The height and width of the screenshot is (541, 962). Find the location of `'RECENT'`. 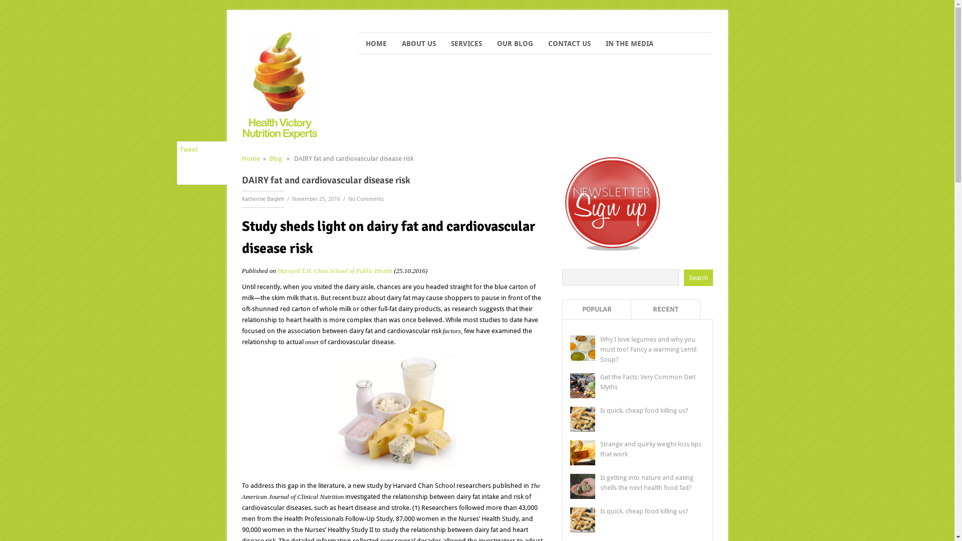

'RECENT' is located at coordinates (666, 309).